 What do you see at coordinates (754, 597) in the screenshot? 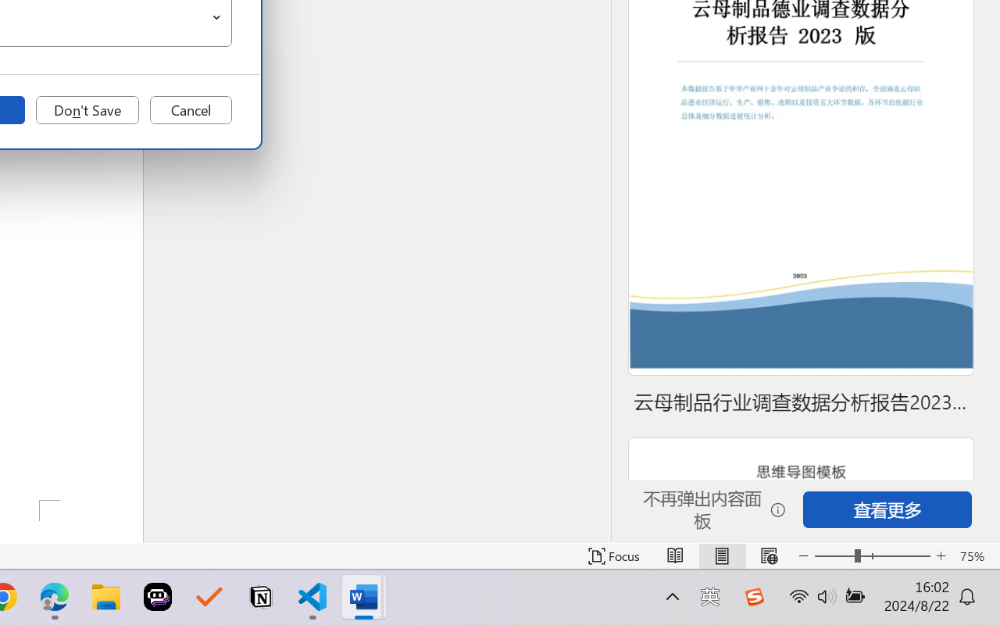
I see `'Class: Image'` at bounding box center [754, 597].